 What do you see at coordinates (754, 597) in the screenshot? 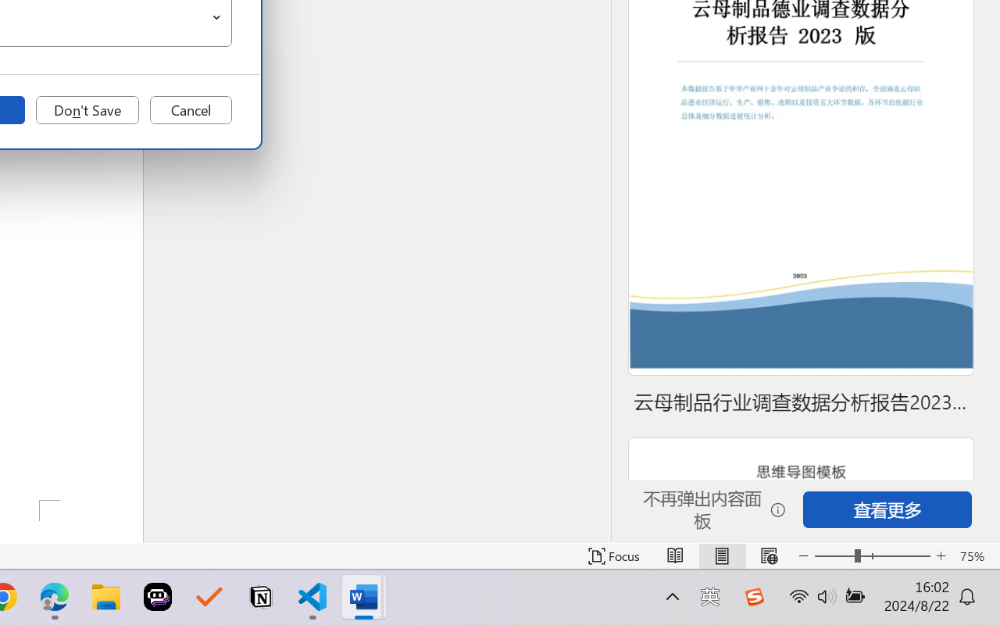
I see `'Class: Image'` at bounding box center [754, 597].